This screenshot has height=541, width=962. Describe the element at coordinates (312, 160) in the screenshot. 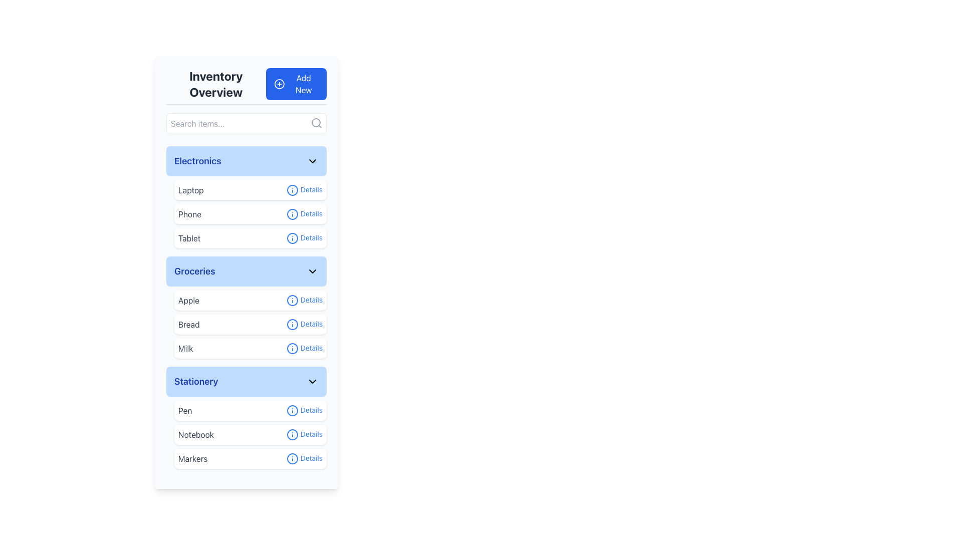

I see `the chevron icon positioned at the top right of the blue 'Electronics' header section to toggle the visibility of associated items` at that location.